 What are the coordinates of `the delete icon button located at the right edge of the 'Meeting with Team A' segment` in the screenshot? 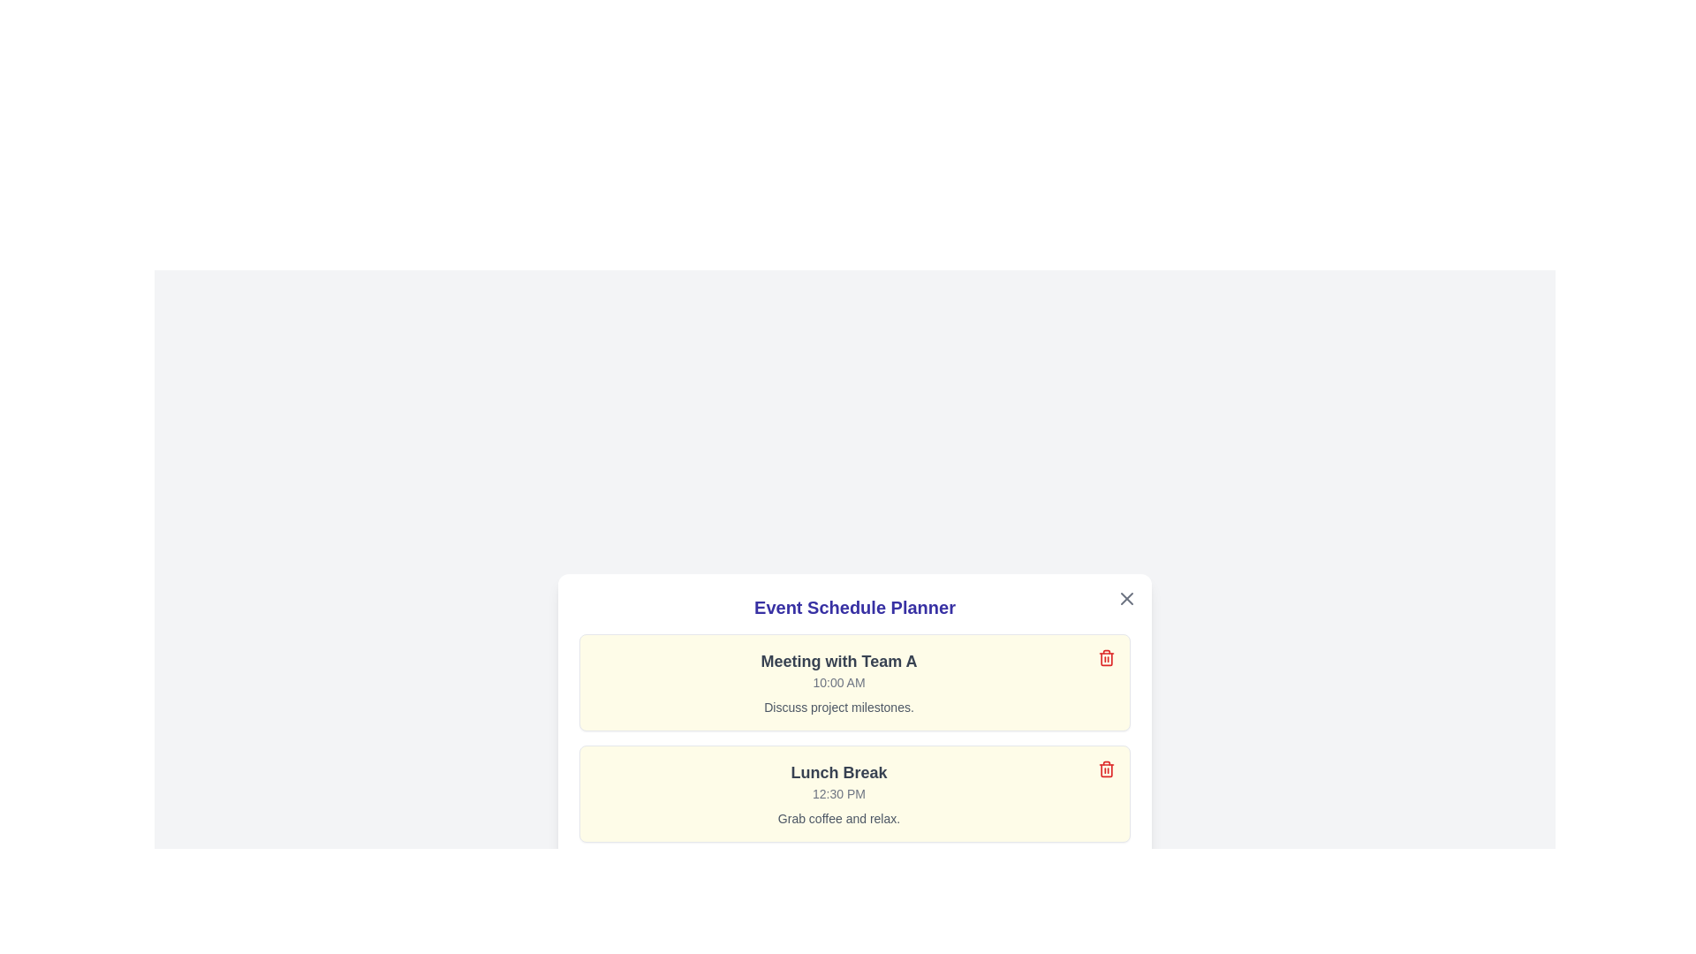 It's located at (1105, 657).